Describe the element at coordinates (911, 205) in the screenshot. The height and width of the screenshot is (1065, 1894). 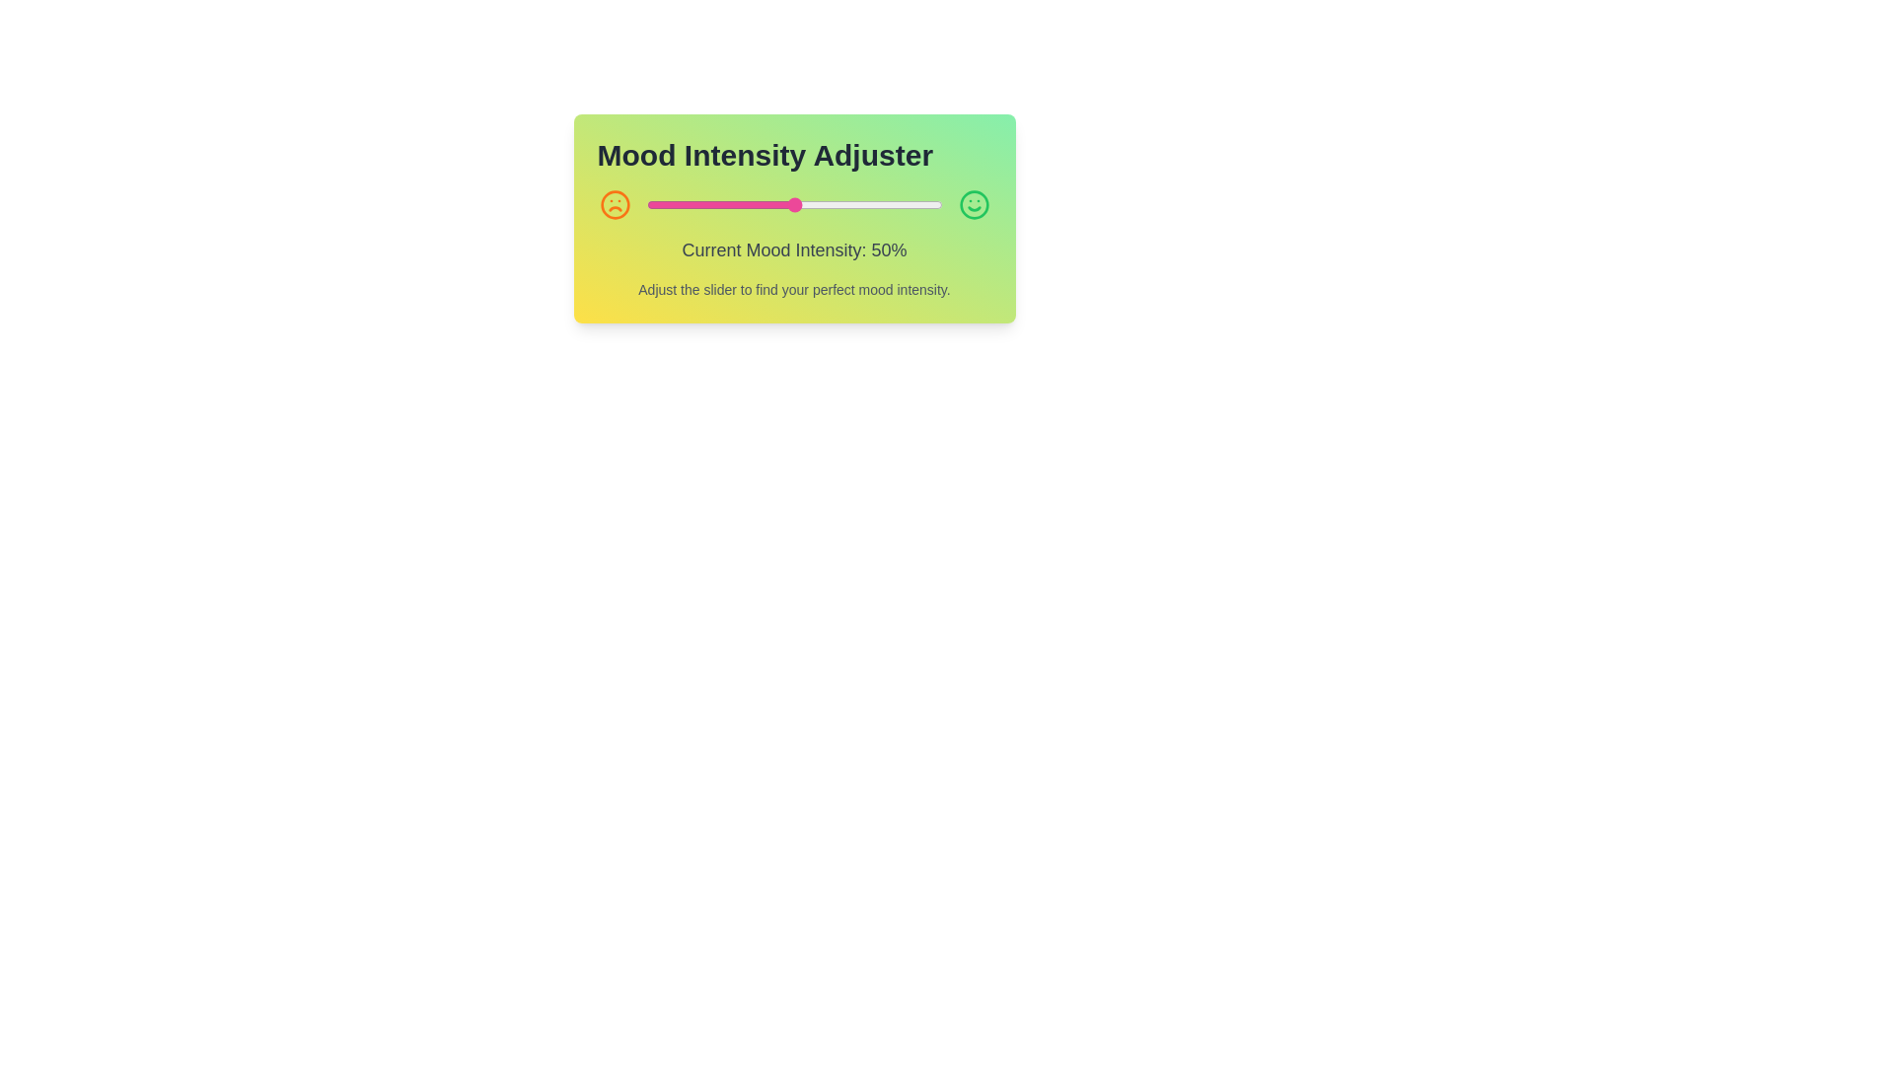
I see `the mood intensity slider to 90% by dragging the slider handle` at that location.